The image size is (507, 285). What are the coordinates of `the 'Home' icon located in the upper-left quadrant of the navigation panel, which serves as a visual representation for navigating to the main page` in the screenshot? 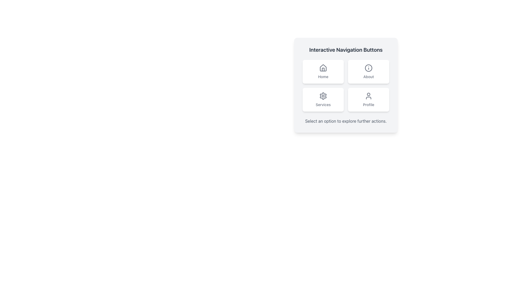 It's located at (323, 68).